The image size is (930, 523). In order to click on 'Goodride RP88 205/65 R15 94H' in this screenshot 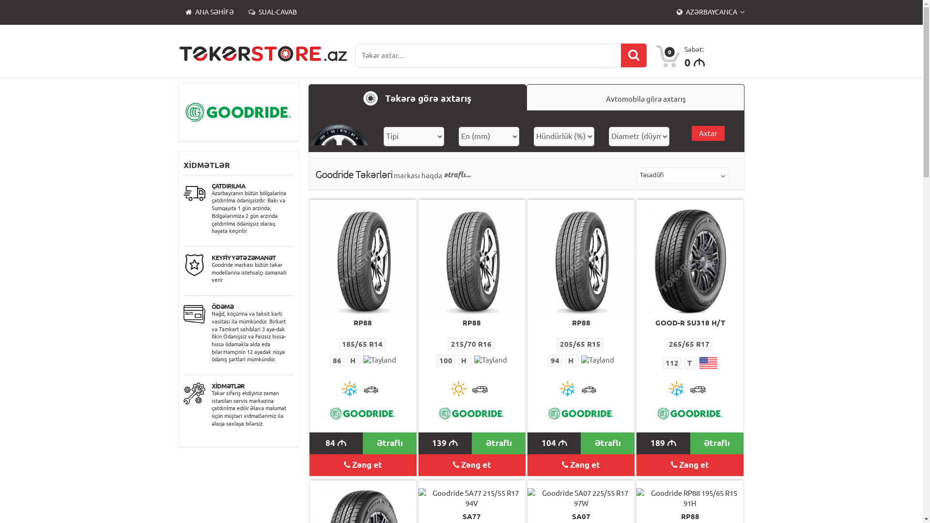, I will do `click(527, 260)`.